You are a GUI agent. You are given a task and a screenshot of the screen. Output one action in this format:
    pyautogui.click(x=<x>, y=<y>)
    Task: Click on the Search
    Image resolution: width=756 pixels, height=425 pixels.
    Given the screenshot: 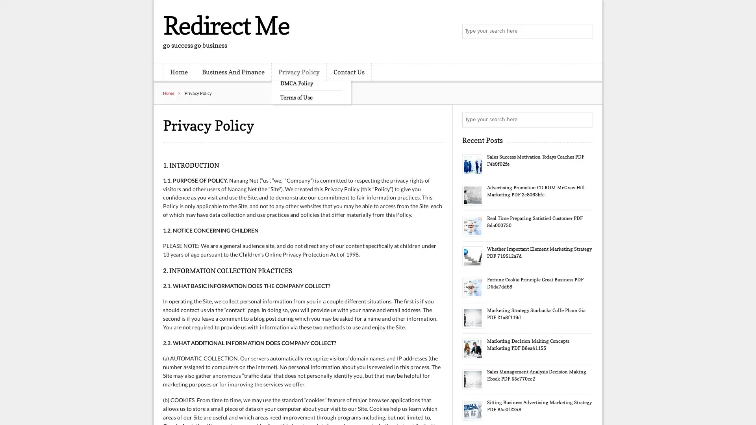 What is the action you would take?
    pyautogui.click(x=585, y=31)
    